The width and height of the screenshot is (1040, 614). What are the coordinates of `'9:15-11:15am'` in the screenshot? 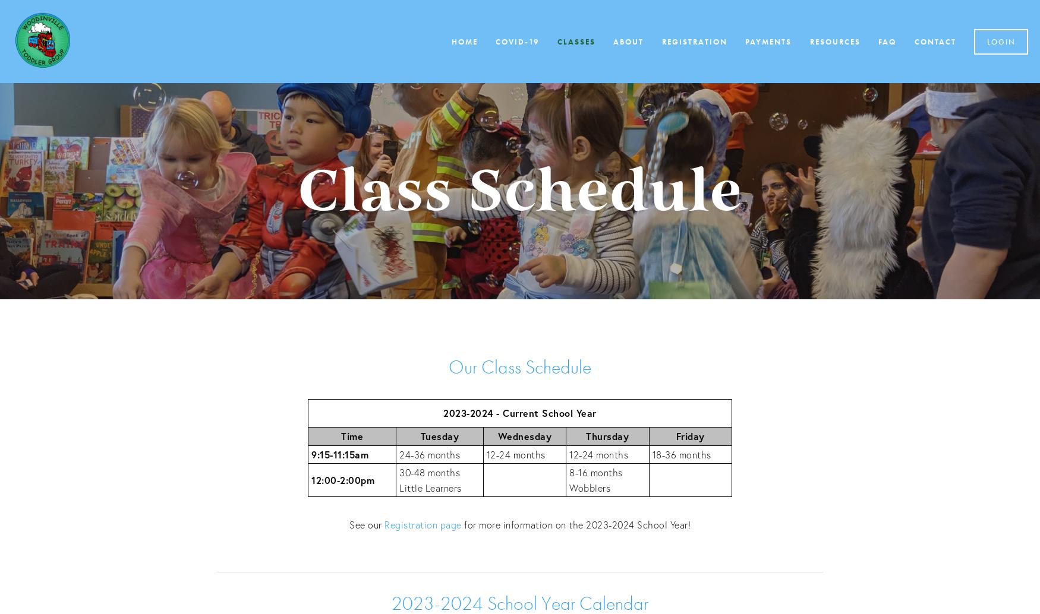 It's located at (340, 454).